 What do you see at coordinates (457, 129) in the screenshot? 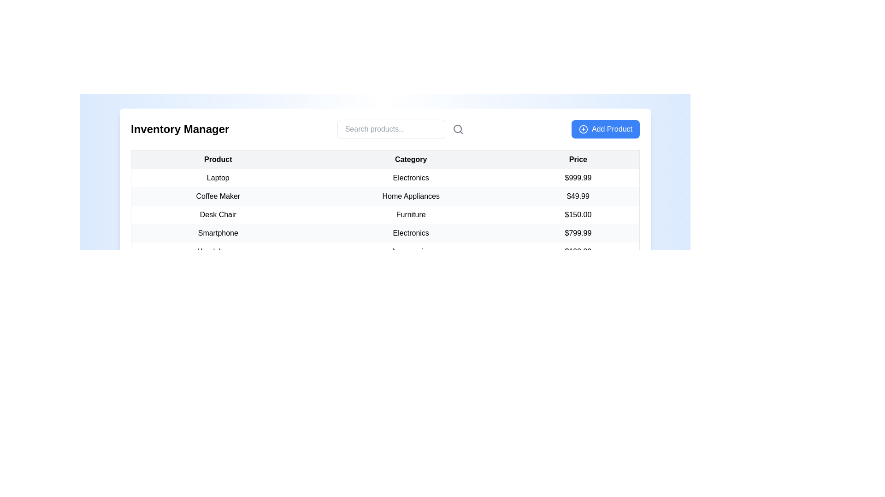
I see `the search icon component representing a magnifying glass, which is located at the top-right corner of the interface beside the search input field` at bounding box center [457, 129].